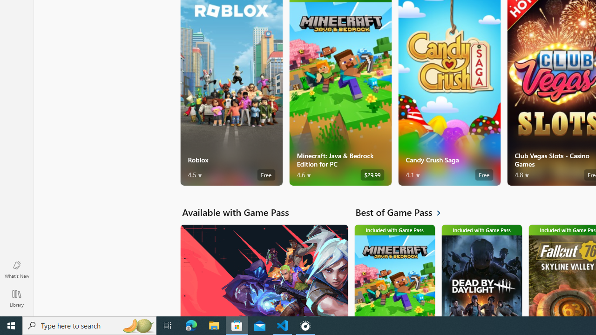  What do you see at coordinates (403, 212) in the screenshot?
I see `'See all  Best of Game Pass'` at bounding box center [403, 212].